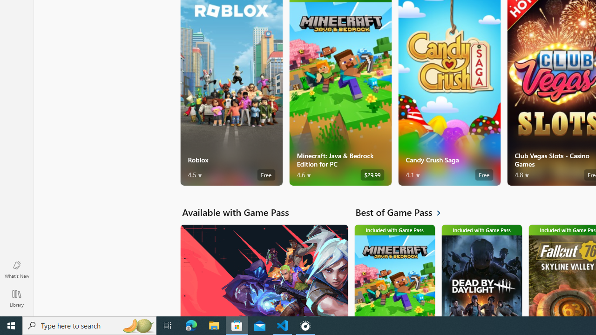  What do you see at coordinates (403, 212) in the screenshot?
I see `'See all  Best of Game Pass'` at bounding box center [403, 212].